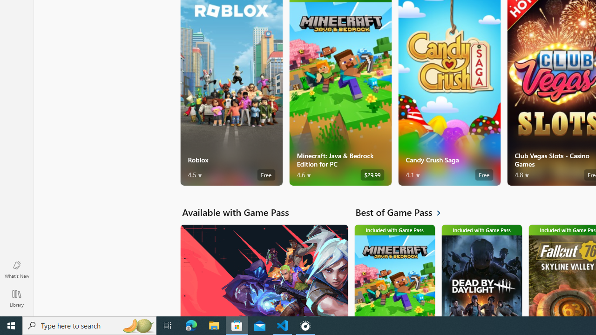  What do you see at coordinates (403, 212) in the screenshot?
I see `'See all  Best of Game Pass'` at bounding box center [403, 212].